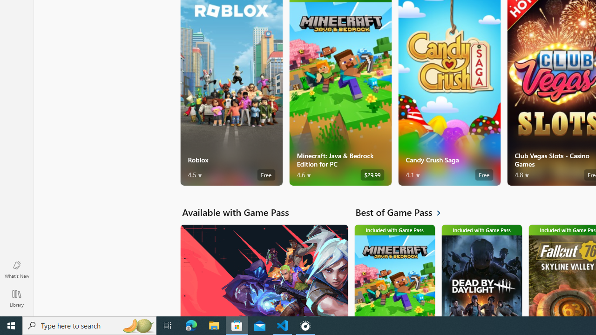  What do you see at coordinates (403, 212) in the screenshot?
I see `'See all  Best of Game Pass'` at bounding box center [403, 212].